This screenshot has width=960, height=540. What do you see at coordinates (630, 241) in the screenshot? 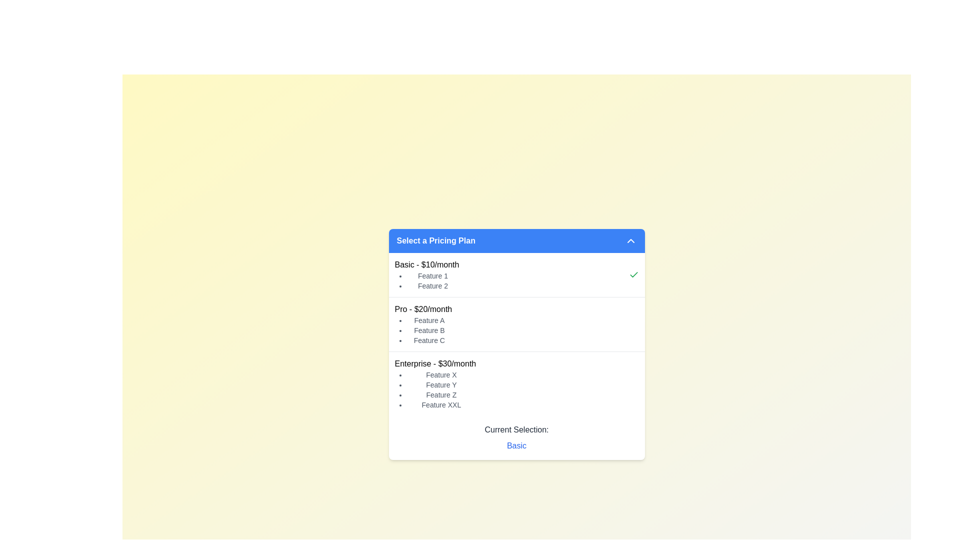
I see `the upward-pointing chevron icon button on the header bar labeled 'Select a Pricing Plan'` at bounding box center [630, 241].